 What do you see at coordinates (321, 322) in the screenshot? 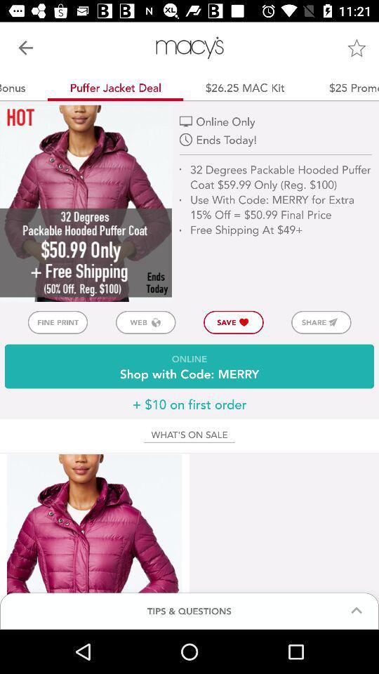
I see `the share on the right` at bounding box center [321, 322].